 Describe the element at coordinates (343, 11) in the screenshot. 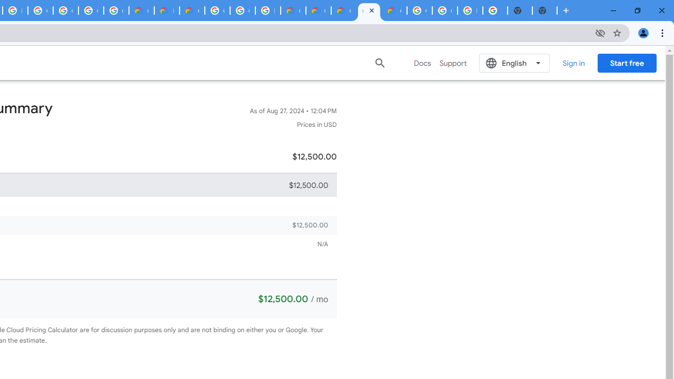

I see `'Google Cloud Estimate Summary'` at that location.